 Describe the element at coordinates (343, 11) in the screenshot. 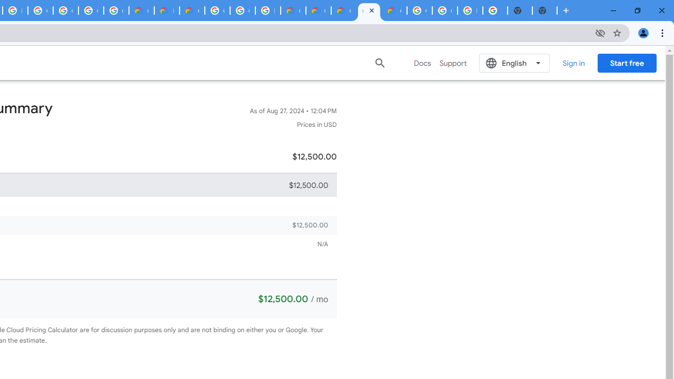

I see `'Google Cloud Estimate Summary'` at that location.